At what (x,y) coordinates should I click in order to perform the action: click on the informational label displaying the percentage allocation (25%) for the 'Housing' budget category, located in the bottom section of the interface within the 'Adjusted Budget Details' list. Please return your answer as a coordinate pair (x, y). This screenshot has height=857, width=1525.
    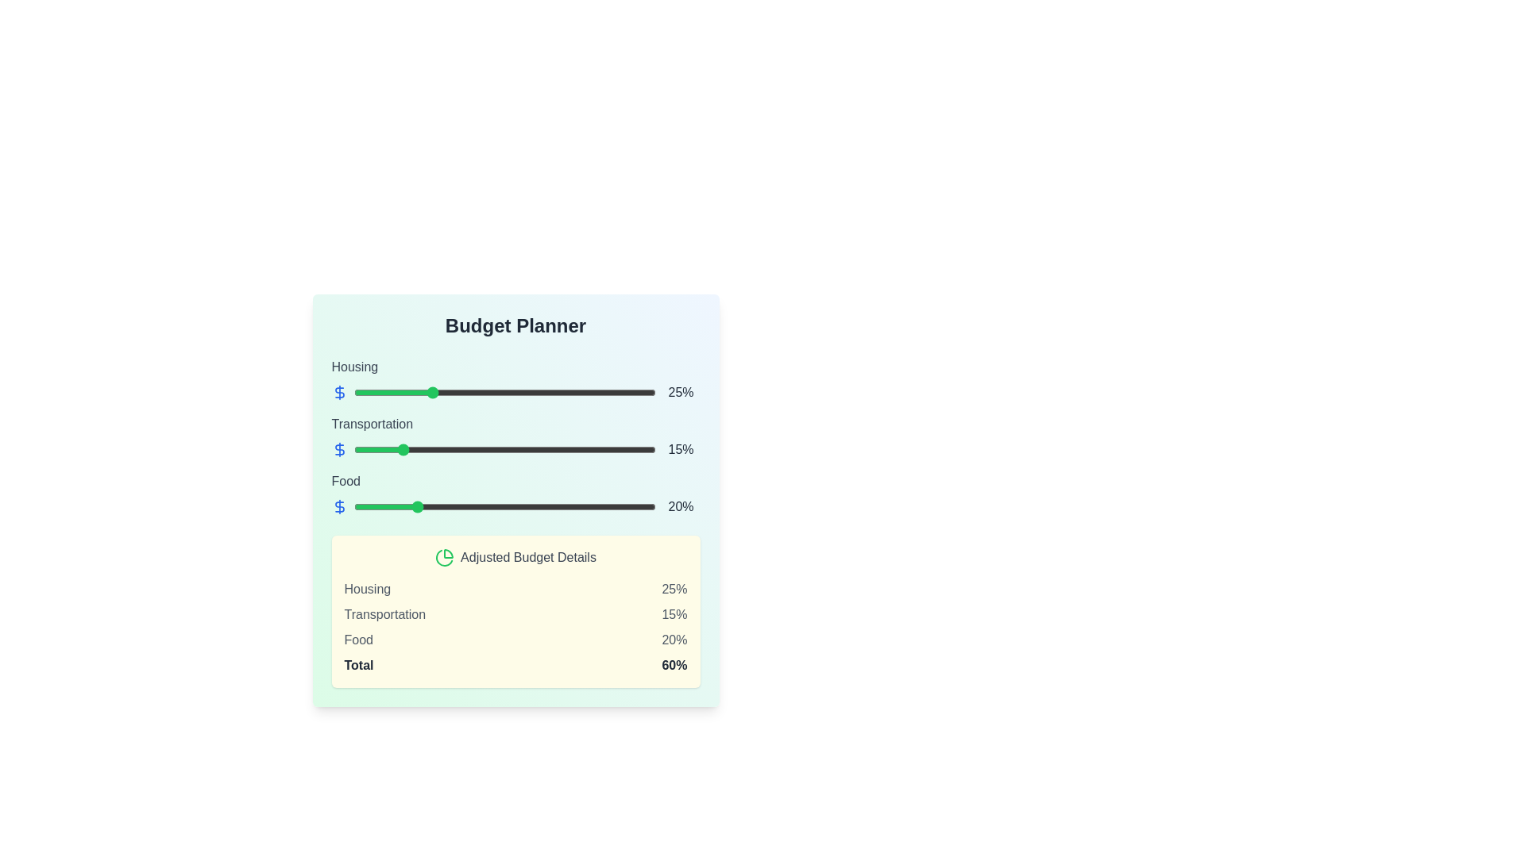
    Looking at the image, I should click on (674, 590).